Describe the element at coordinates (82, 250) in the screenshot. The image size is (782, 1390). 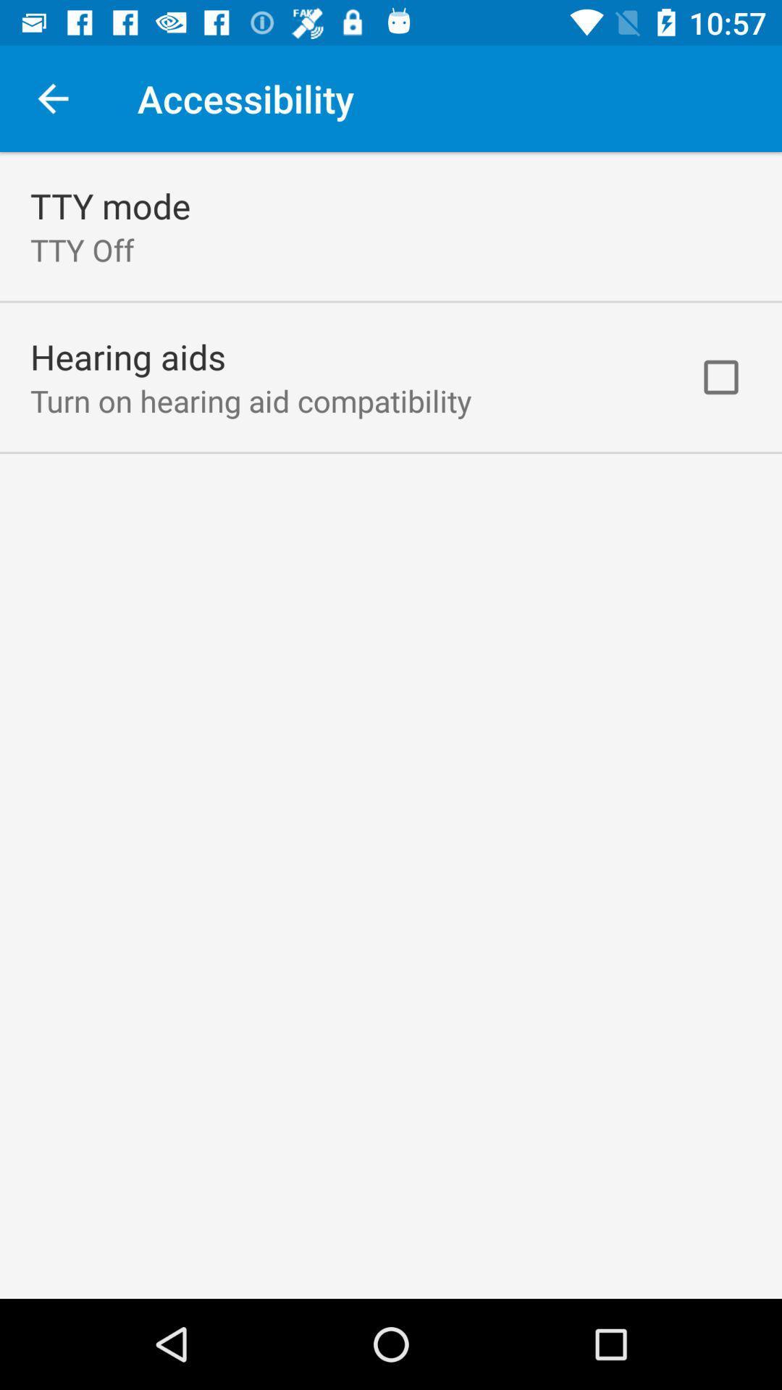
I see `item below the tty mode icon` at that location.